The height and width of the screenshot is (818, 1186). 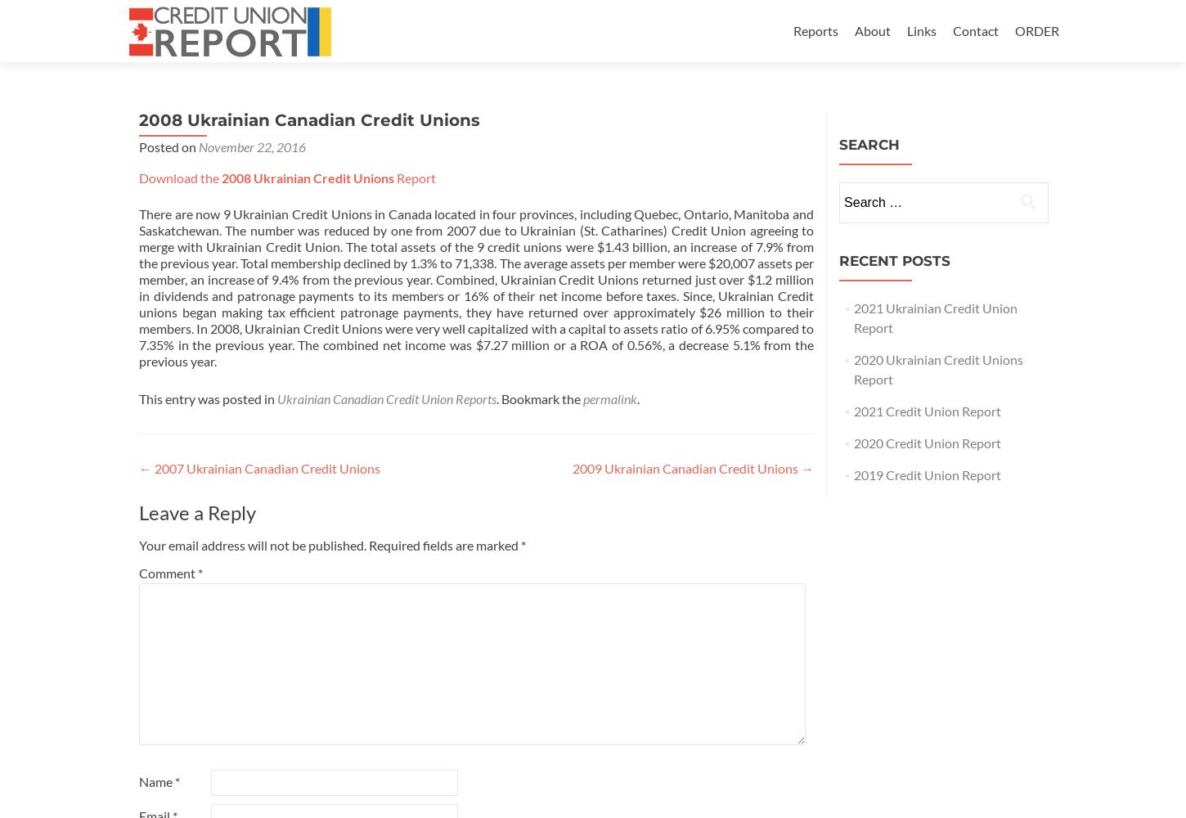 I want to click on 'Reports', so click(x=815, y=30).